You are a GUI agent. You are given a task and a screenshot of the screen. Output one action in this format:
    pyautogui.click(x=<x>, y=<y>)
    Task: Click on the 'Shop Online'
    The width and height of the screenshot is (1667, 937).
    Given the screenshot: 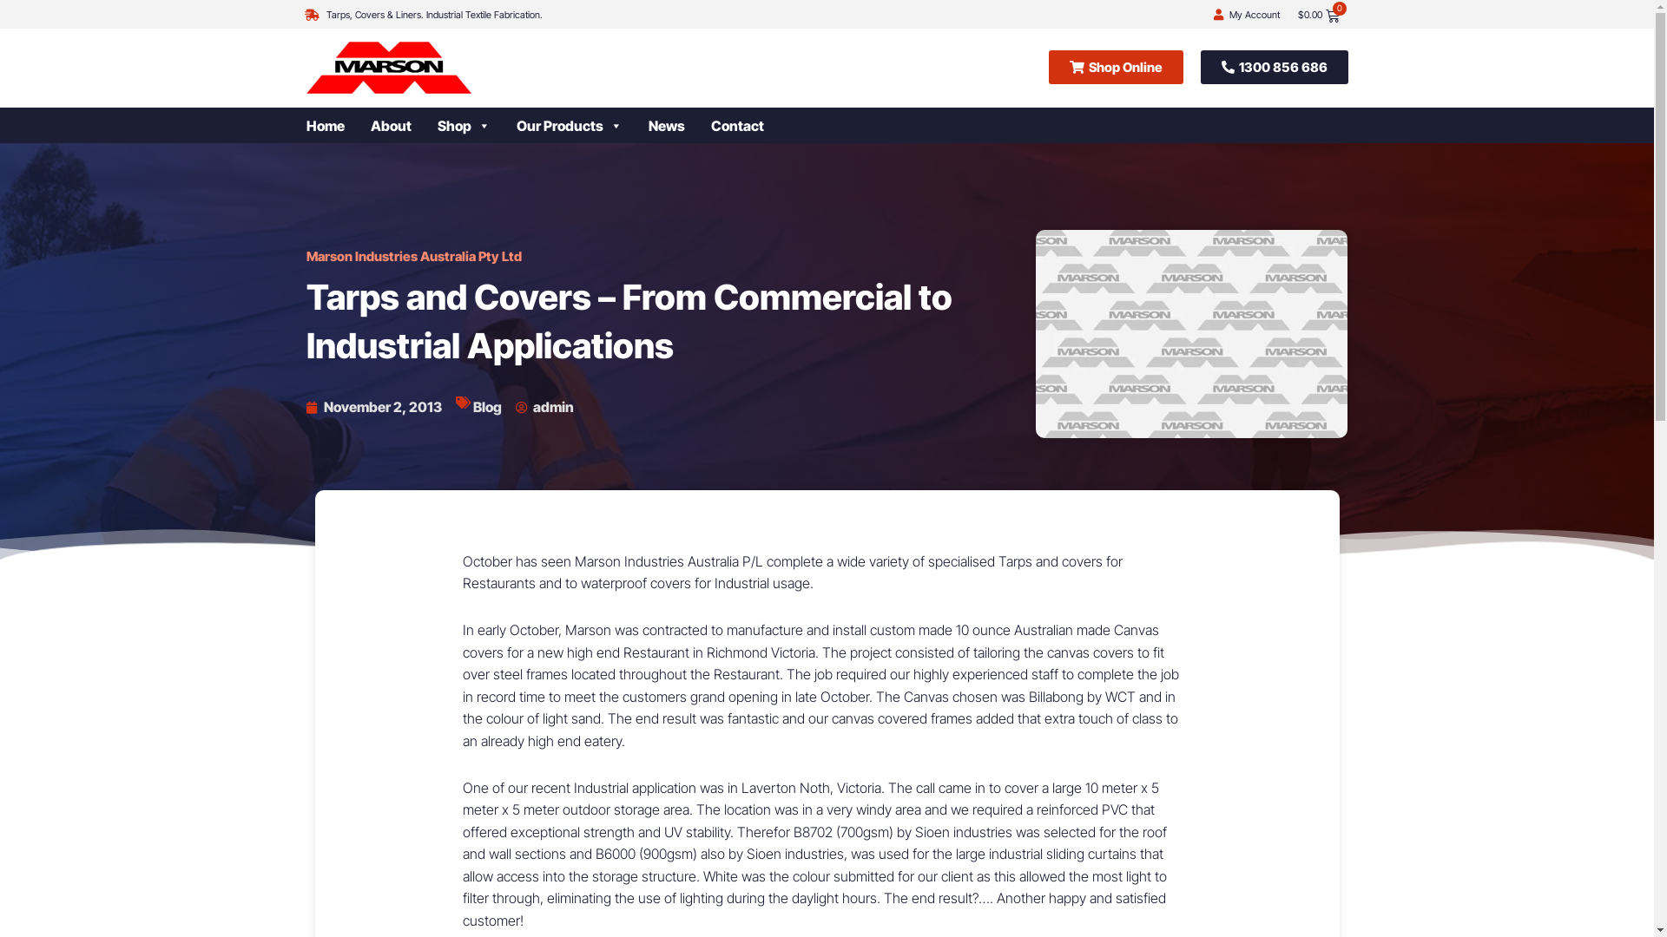 What is the action you would take?
    pyautogui.click(x=1116, y=66)
    